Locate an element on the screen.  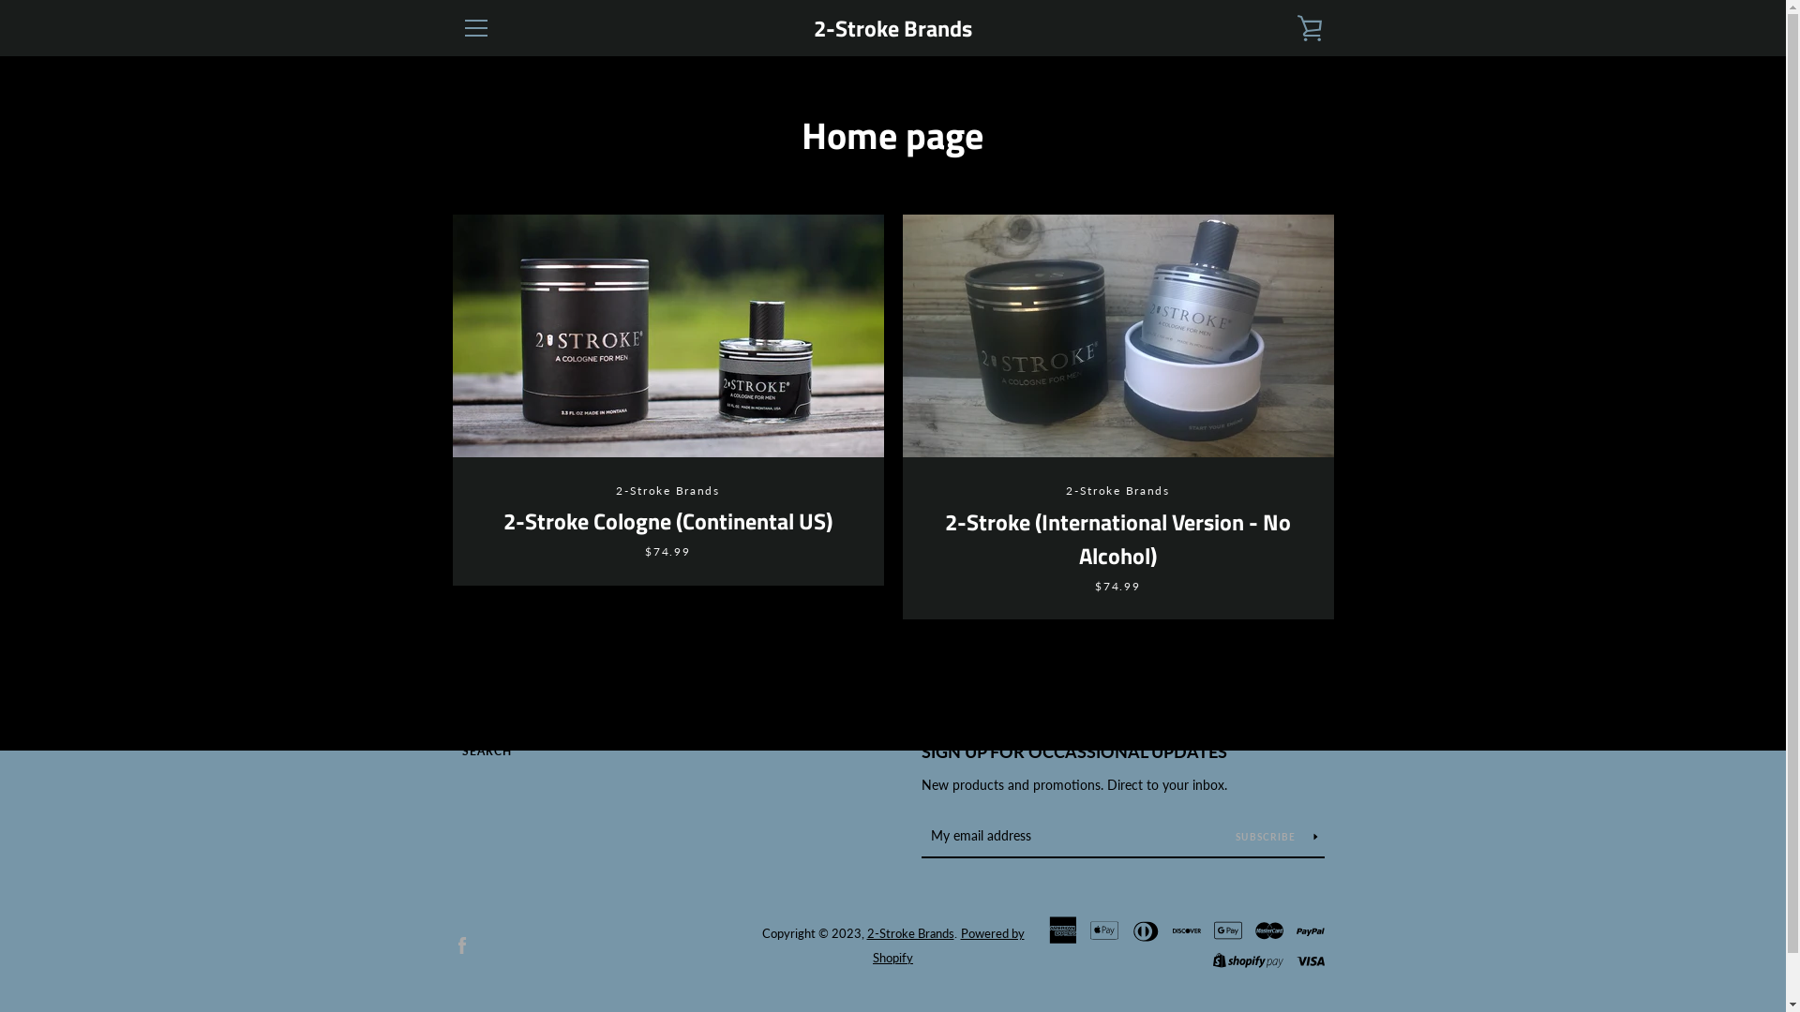
'VIEW CART' is located at coordinates (1285, 28).